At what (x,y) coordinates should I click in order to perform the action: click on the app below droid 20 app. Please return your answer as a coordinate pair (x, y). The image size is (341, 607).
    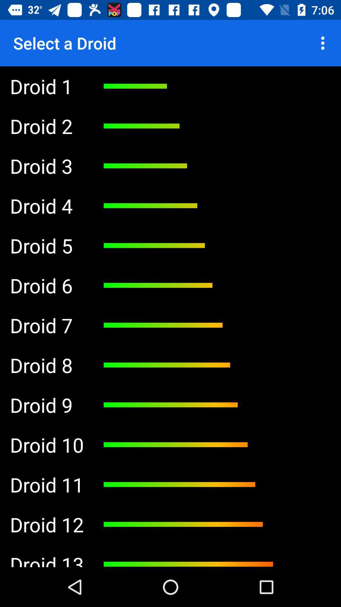
    Looking at the image, I should click on (46, 524).